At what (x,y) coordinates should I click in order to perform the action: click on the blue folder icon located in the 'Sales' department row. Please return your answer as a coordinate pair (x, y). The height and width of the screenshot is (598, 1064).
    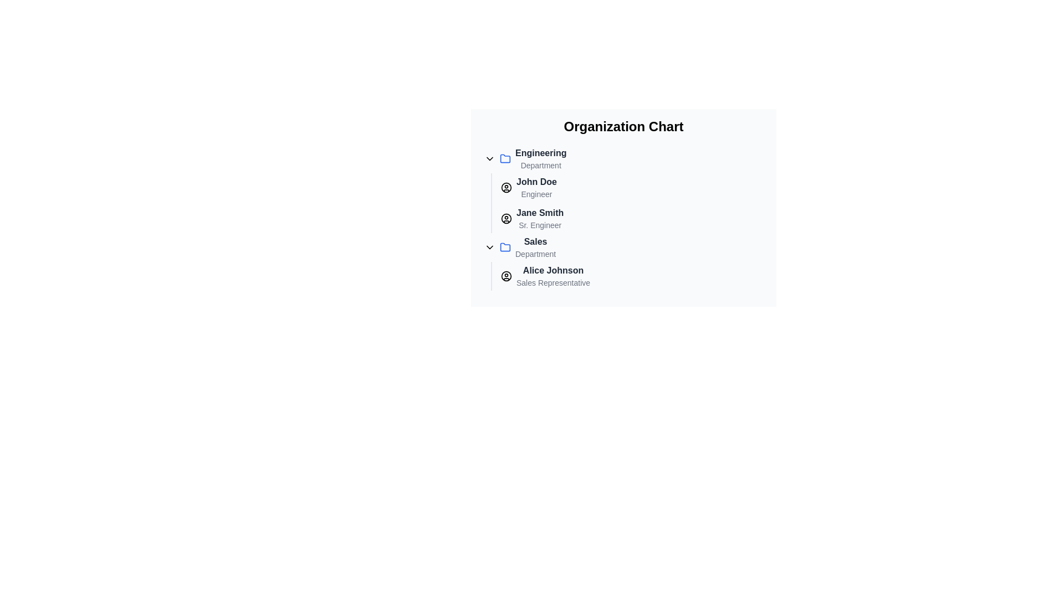
    Looking at the image, I should click on (505, 247).